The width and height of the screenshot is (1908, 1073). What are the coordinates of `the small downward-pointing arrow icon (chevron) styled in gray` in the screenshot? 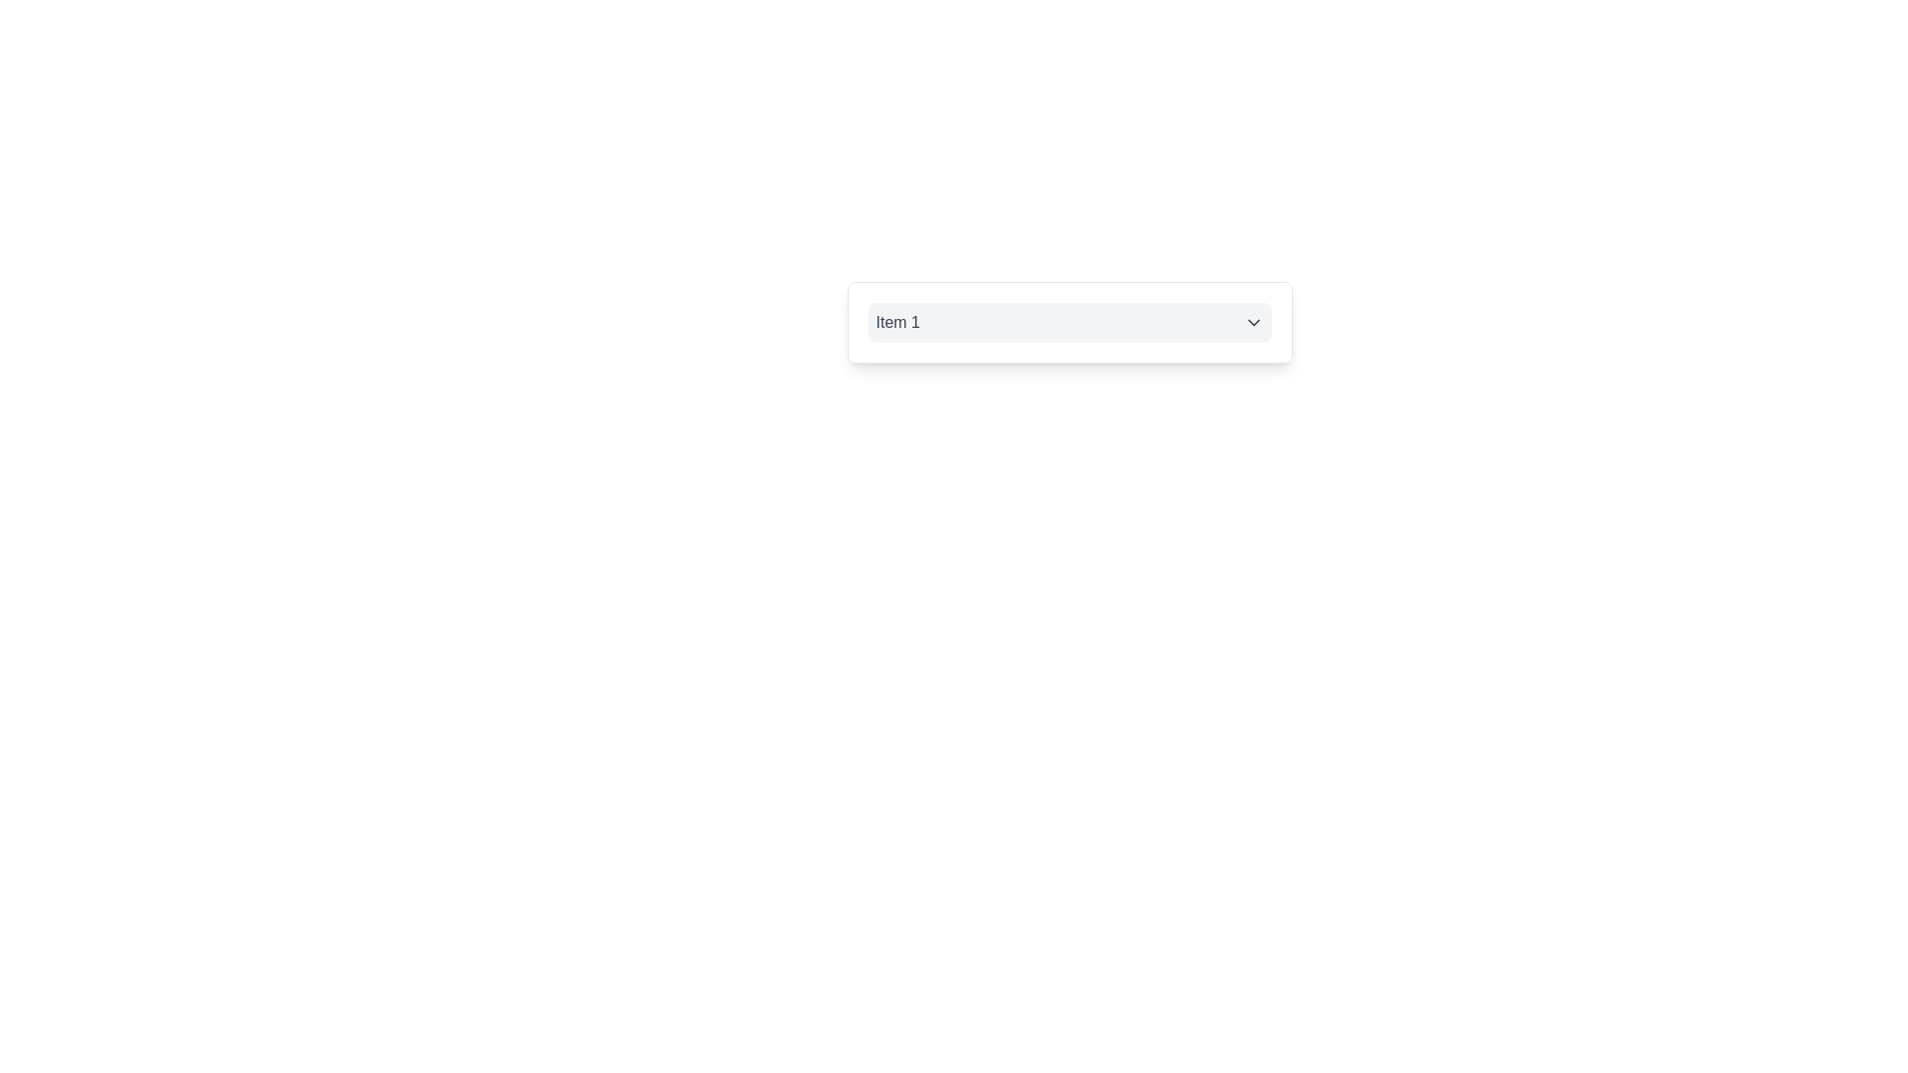 It's located at (1252, 321).